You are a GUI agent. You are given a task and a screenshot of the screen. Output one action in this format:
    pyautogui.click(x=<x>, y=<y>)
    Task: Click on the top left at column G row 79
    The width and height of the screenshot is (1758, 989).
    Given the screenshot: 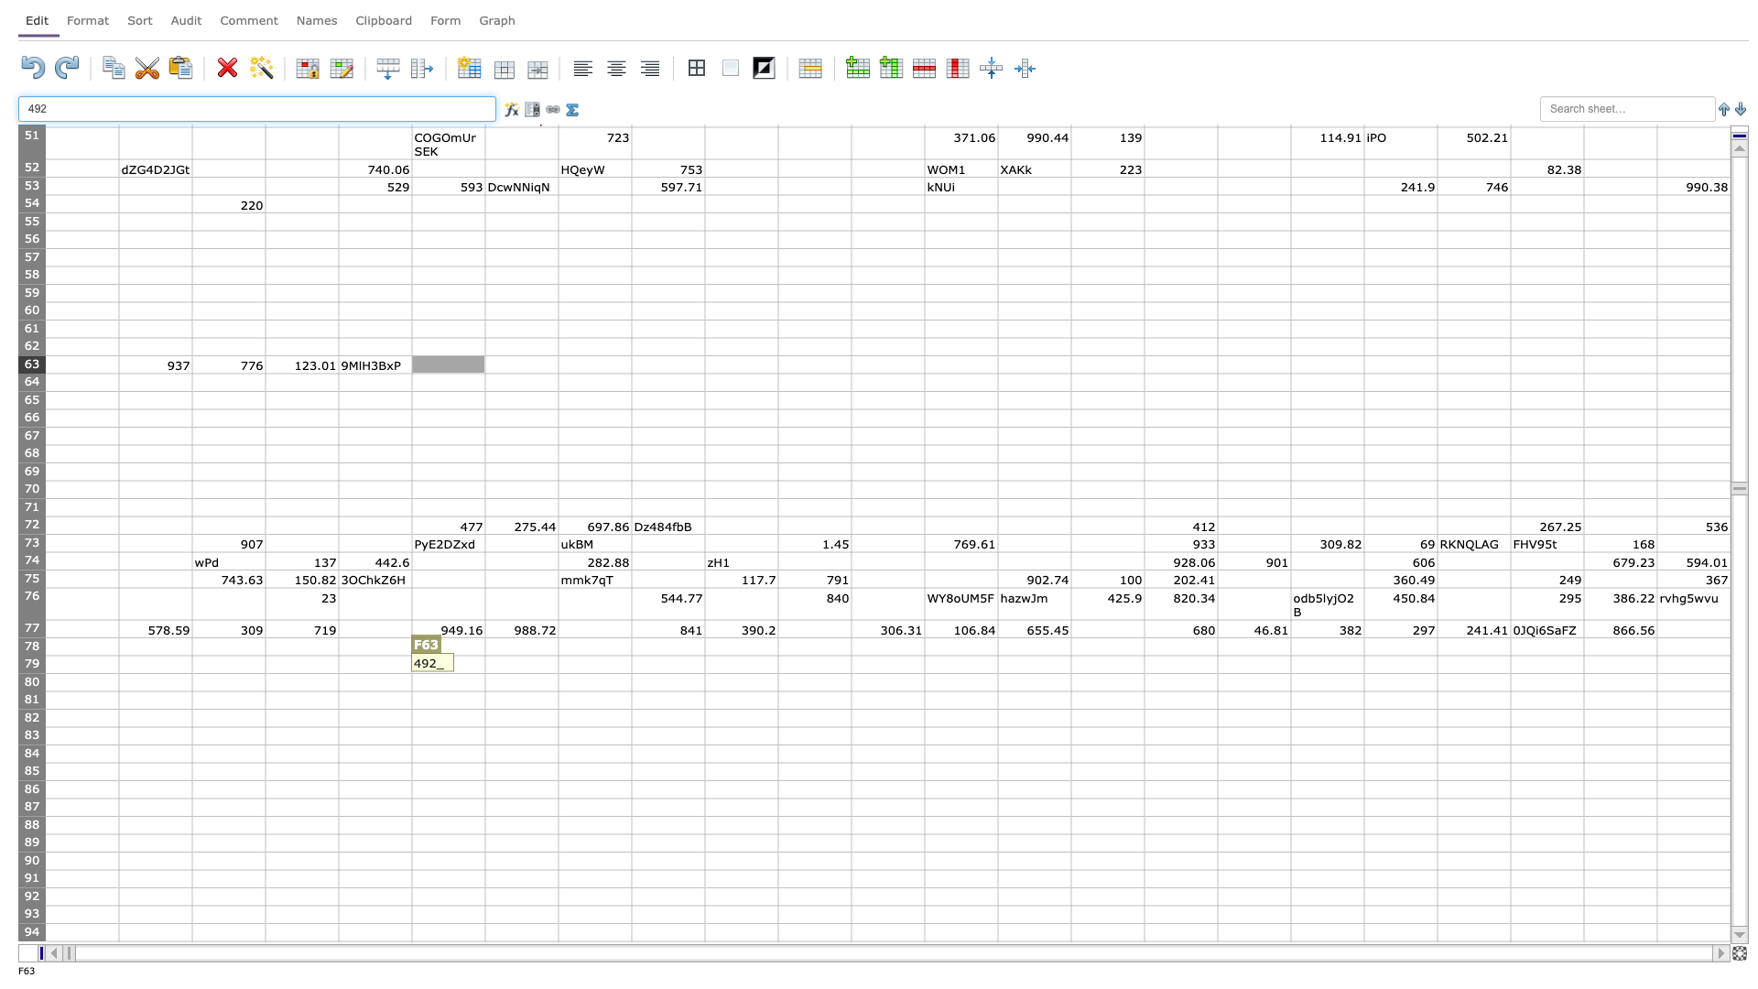 What is the action you would take?
    pyautogui.click(x=484, y=655)
    